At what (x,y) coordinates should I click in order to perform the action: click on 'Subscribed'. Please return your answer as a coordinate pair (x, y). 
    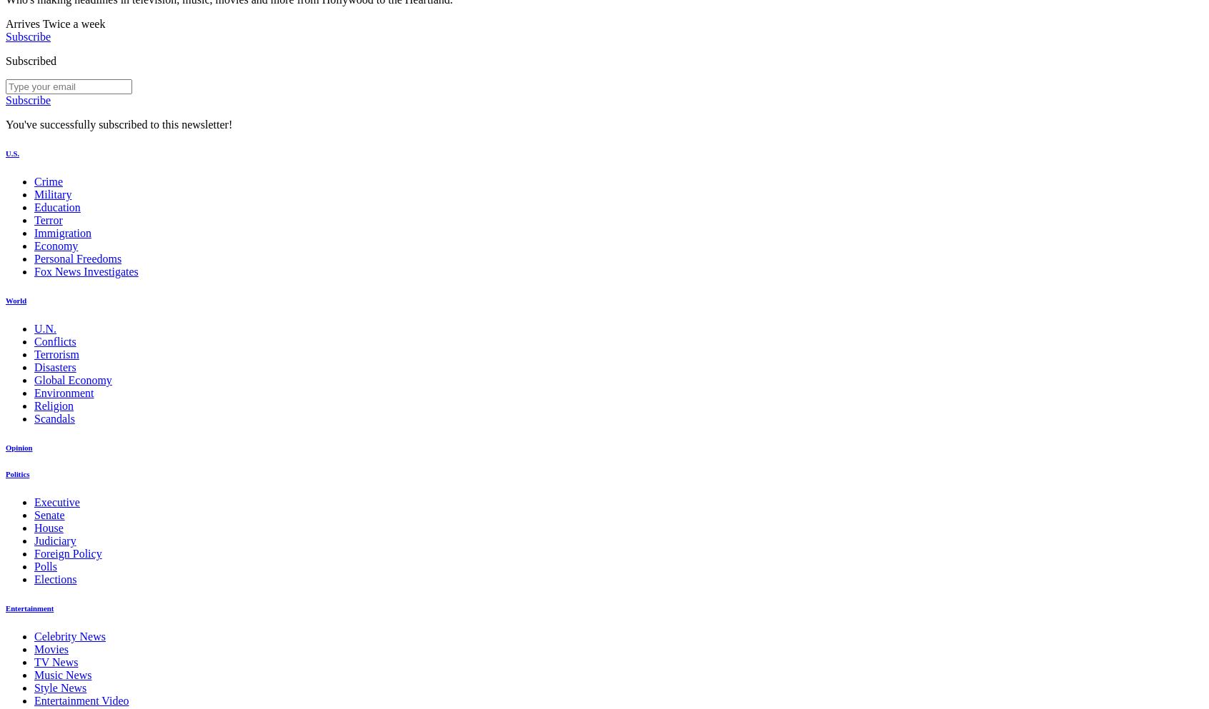
    Looking at the image, I should click on (30, 60).